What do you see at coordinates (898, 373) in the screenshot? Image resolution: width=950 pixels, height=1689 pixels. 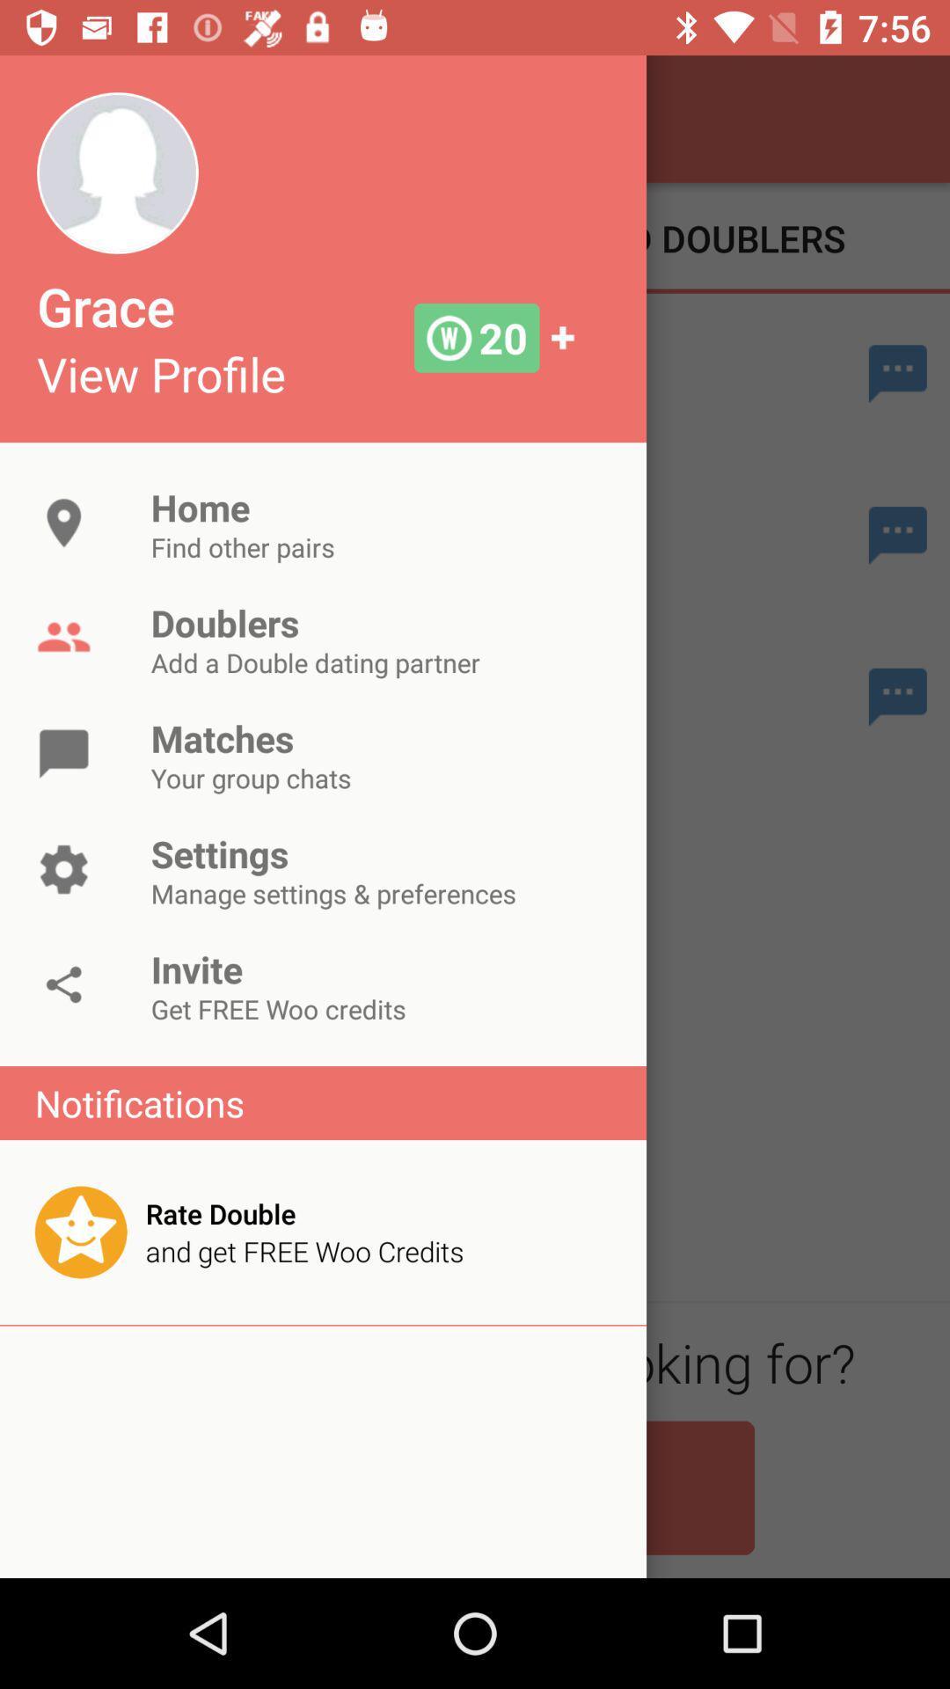 I see `the 1st message icon which is right side of the page` at bounding box center [898, 373].